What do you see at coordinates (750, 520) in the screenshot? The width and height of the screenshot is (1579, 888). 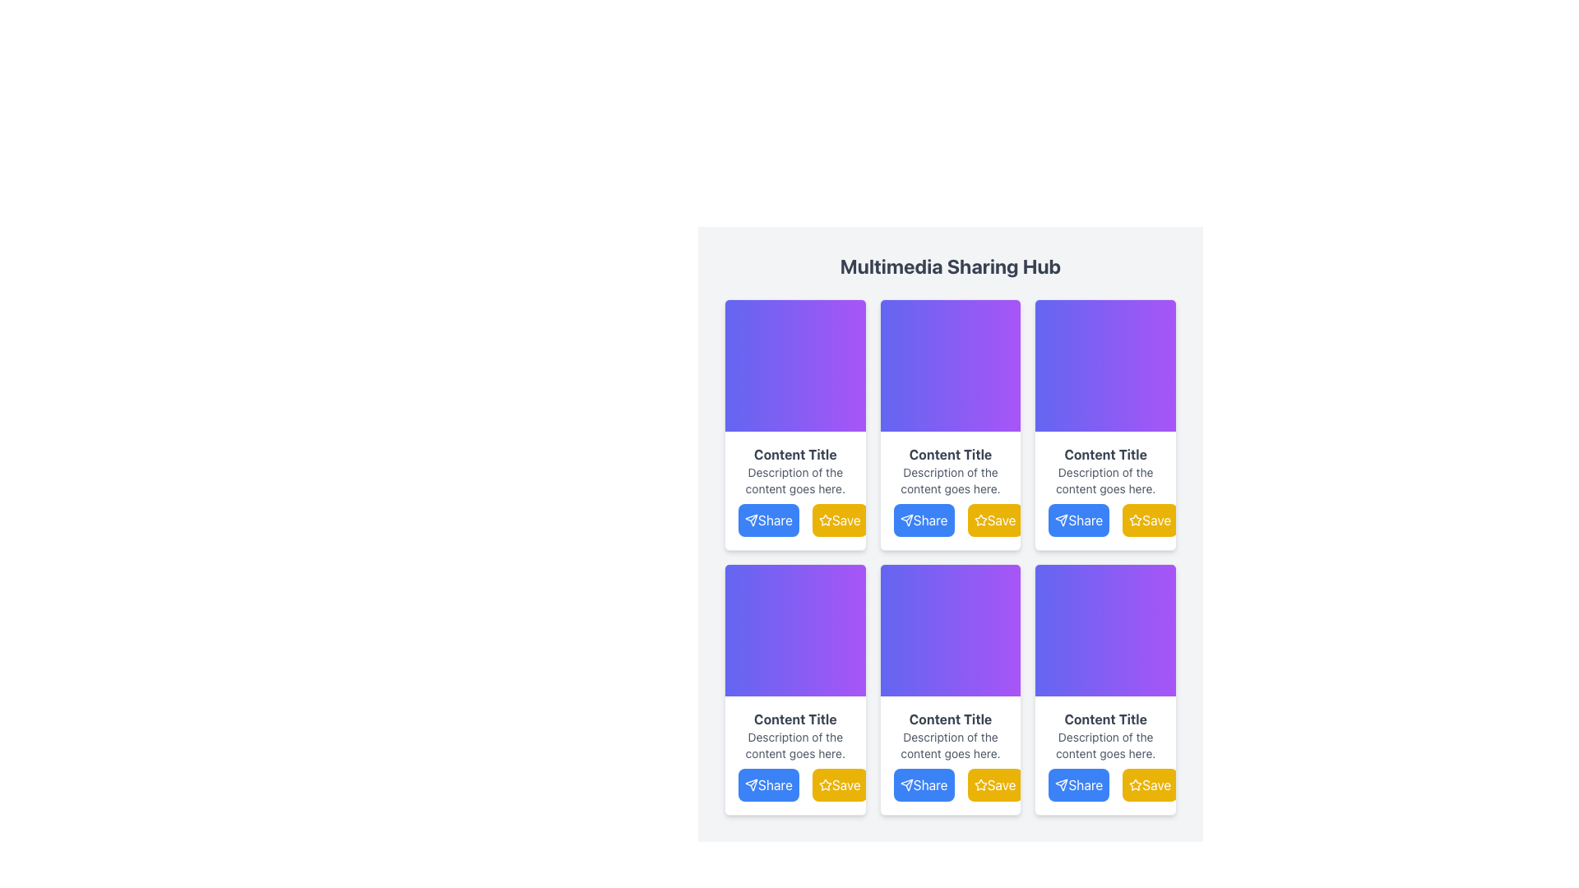 I see `the share button located at the bottom-left corner of the third card in the top row of the multi-card grid to initiate sharing` at bounding box center [750, 520].